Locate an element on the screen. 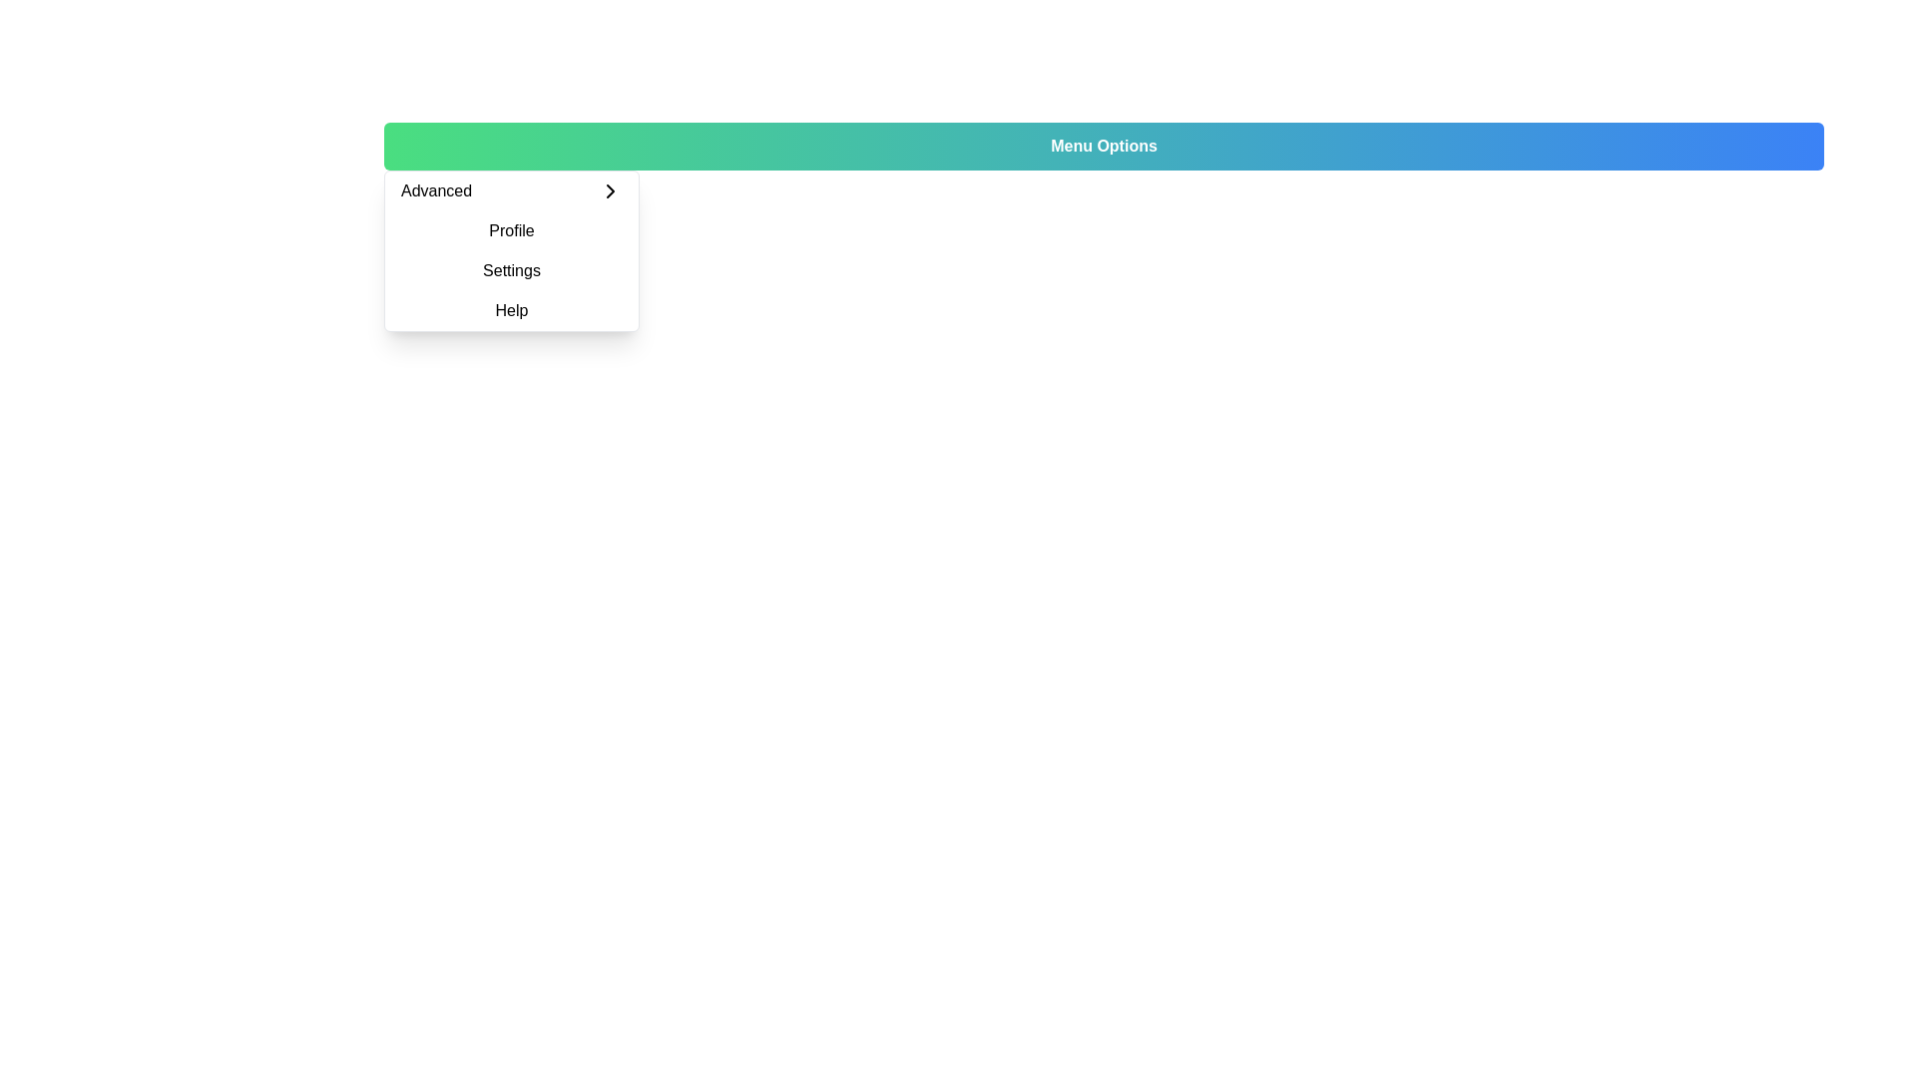 This screenshot has width=1916, height=1077. the third option in the dropdown menu, which likely leads to the Settings page or functionality within the application is located at coordinates (512, 271).